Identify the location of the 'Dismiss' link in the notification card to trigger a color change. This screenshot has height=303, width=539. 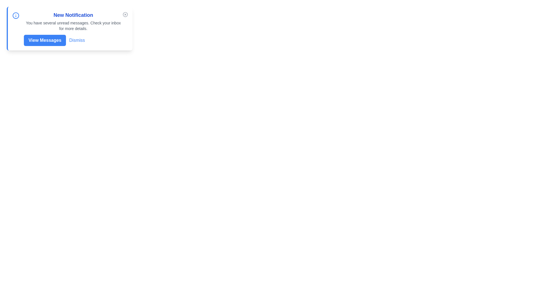
(73, 40).